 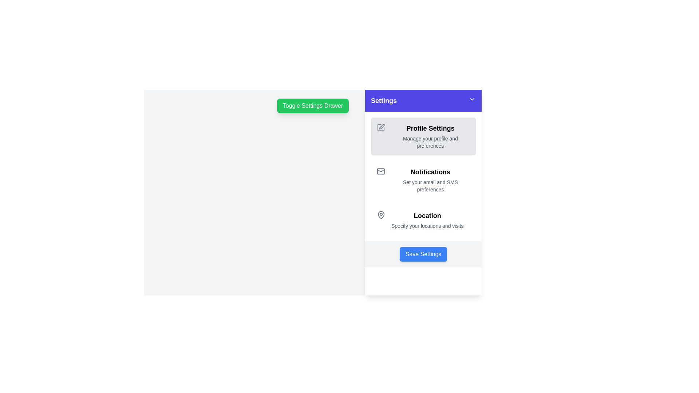 What do you see at coordinates (423, 254) in the screenshot?
I see `the 'Save Settings' button located at the bottom center of the settings panel` at bounding box center [423, 254].